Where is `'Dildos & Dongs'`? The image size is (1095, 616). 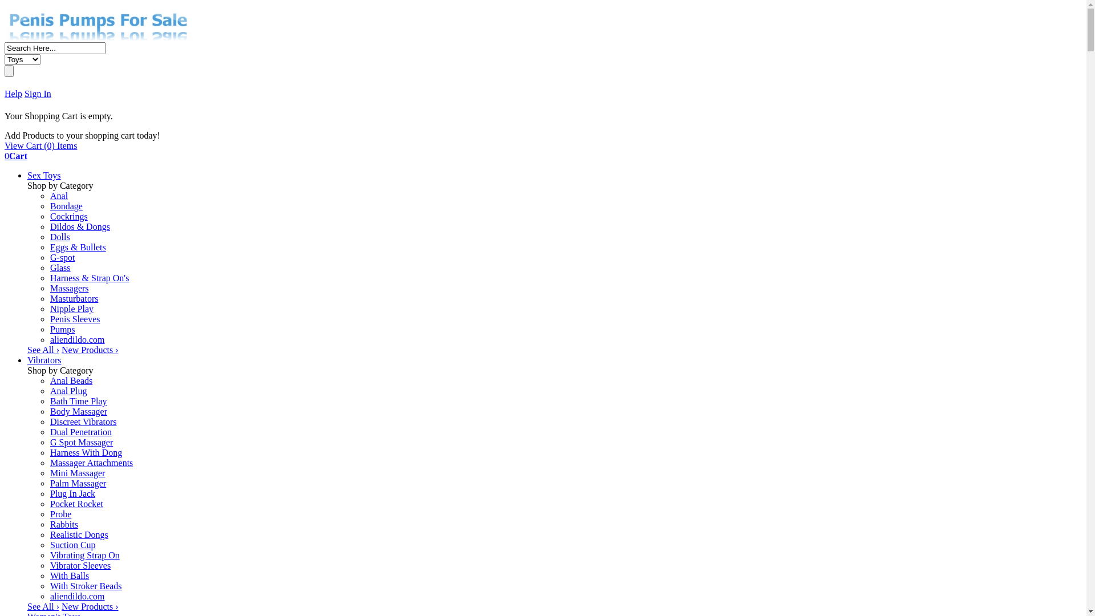
'Dildos & Dongs' is located at coordinates (79, 226).